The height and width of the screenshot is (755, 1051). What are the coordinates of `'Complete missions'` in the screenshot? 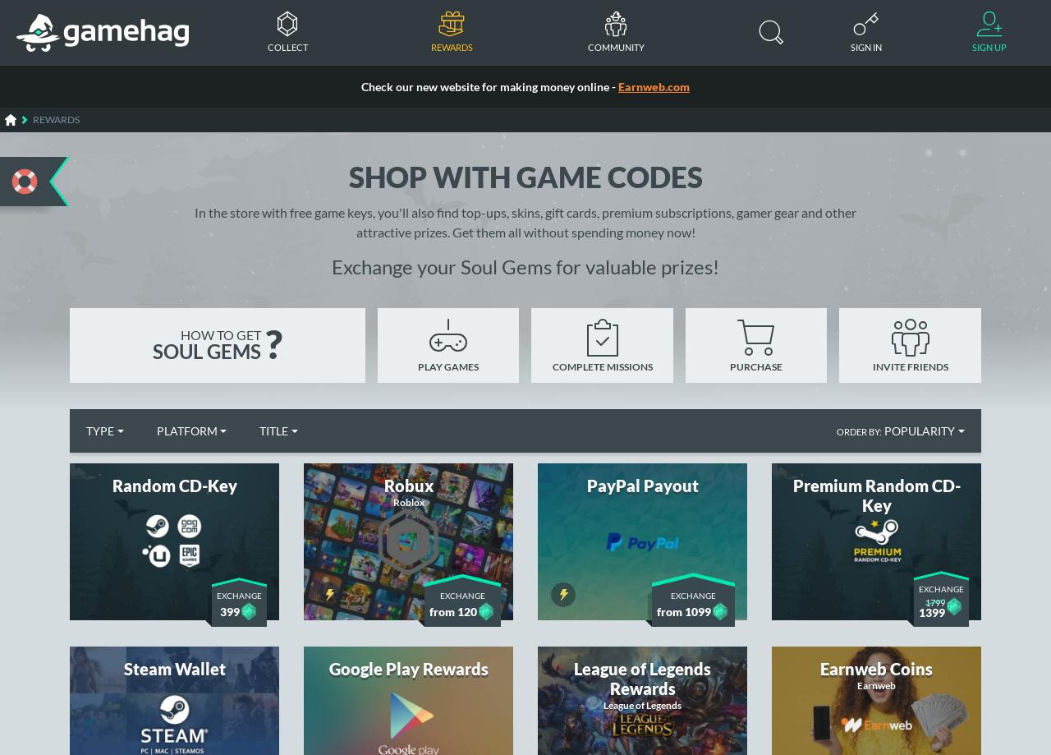 It's located at (601, 366).